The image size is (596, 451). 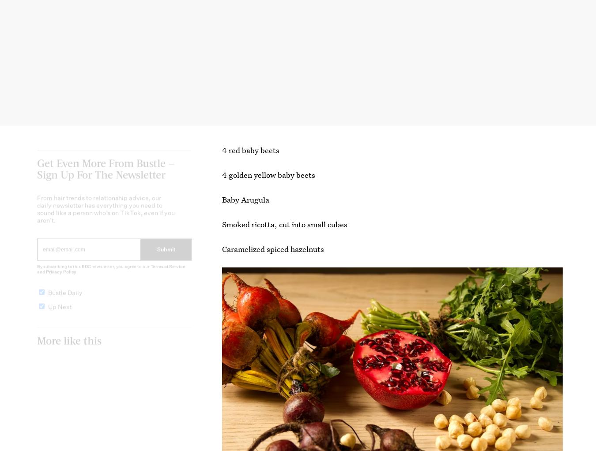 What do you see at coordinates (65, 299) in the screenshot?
I see `'Bustle Daily'` at bounding box center [65, 299].